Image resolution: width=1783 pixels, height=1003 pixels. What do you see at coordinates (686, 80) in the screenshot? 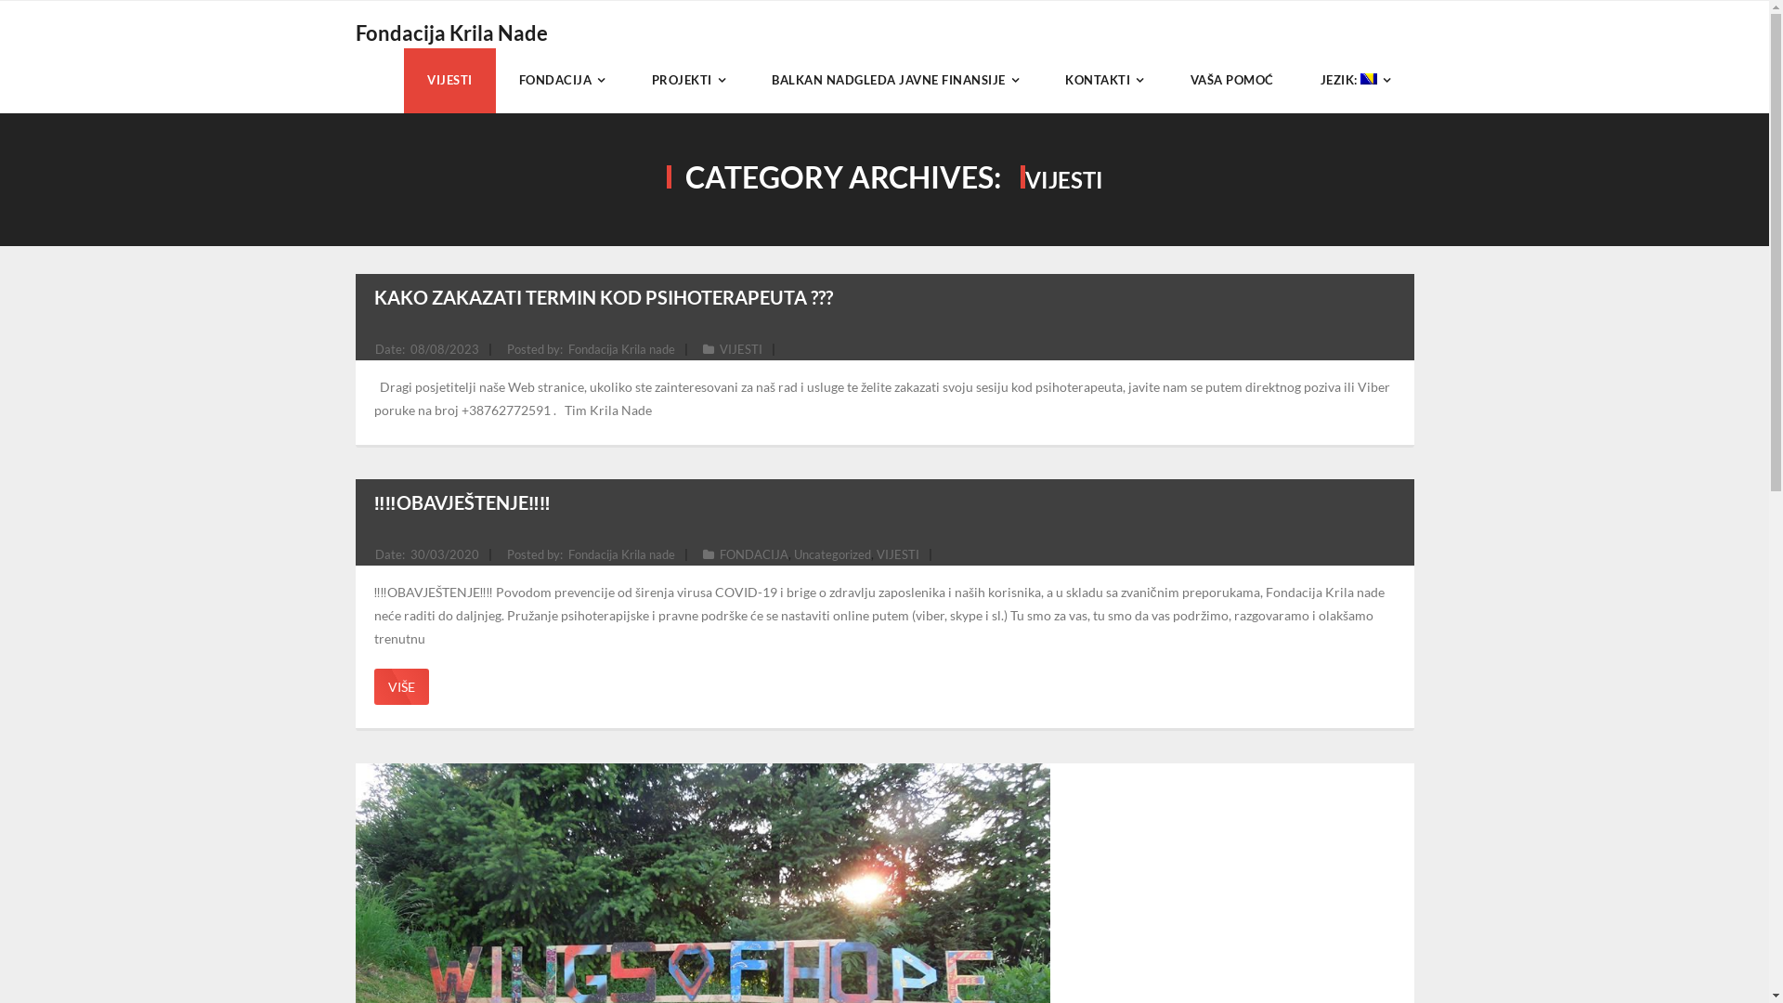
I see `'PROJEKTI'` at bounding box center [686, 80].